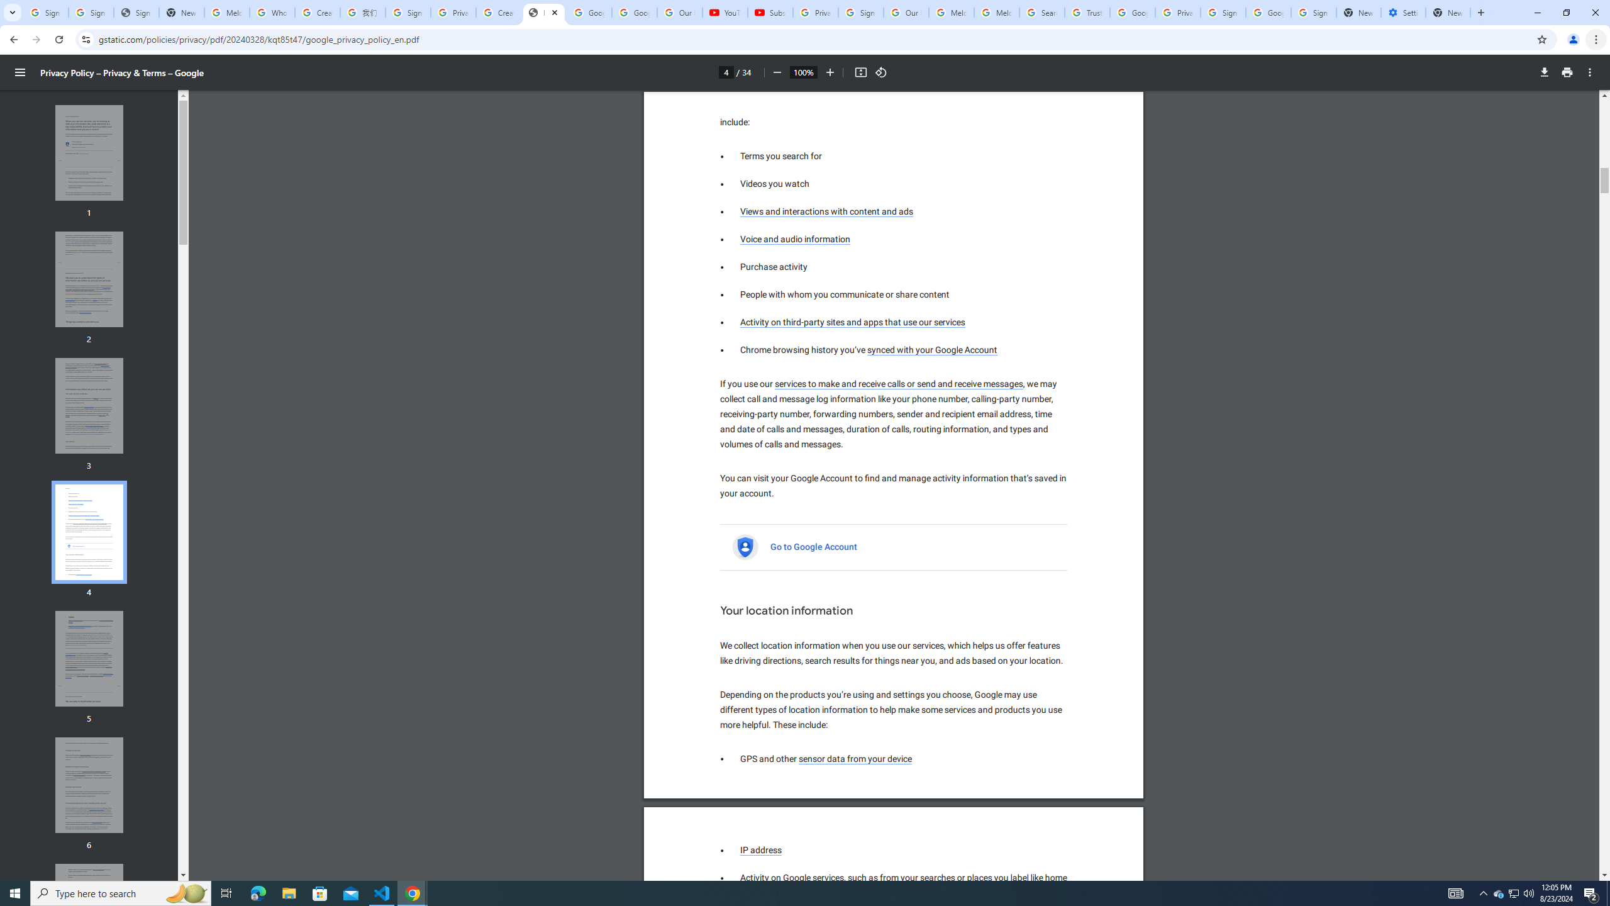  I want to click on 'Menu', so click(20, 72).